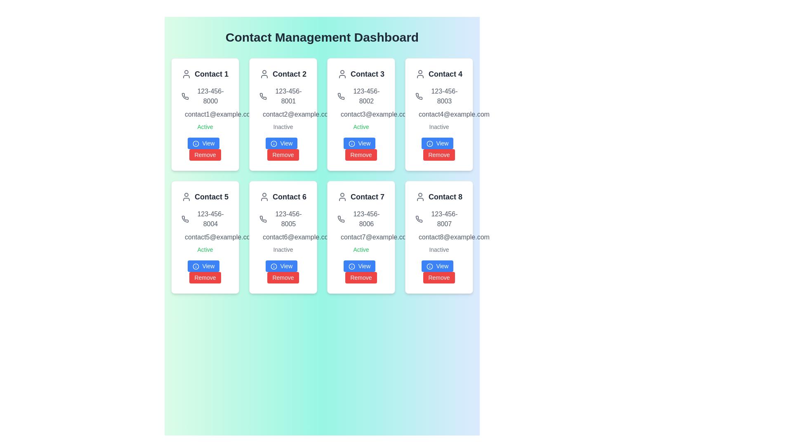 The width and height of the screenshot is (792, 445). What do you see at coordinates (361, 114) in the screenshot?
I see `the static text displaying the email address associated with 'Contact 3', located beneath the phone number and above the 'Active' status indicator` at bounding box center [361, 114].